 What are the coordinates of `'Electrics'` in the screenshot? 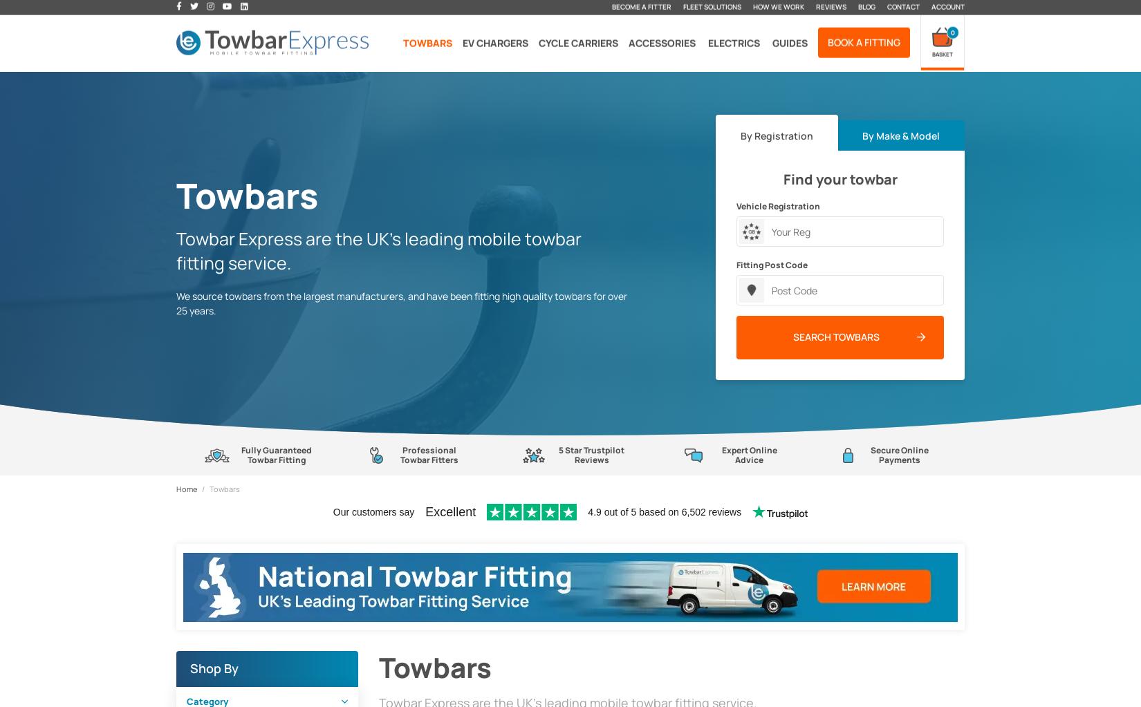 It's located at (734, 43).